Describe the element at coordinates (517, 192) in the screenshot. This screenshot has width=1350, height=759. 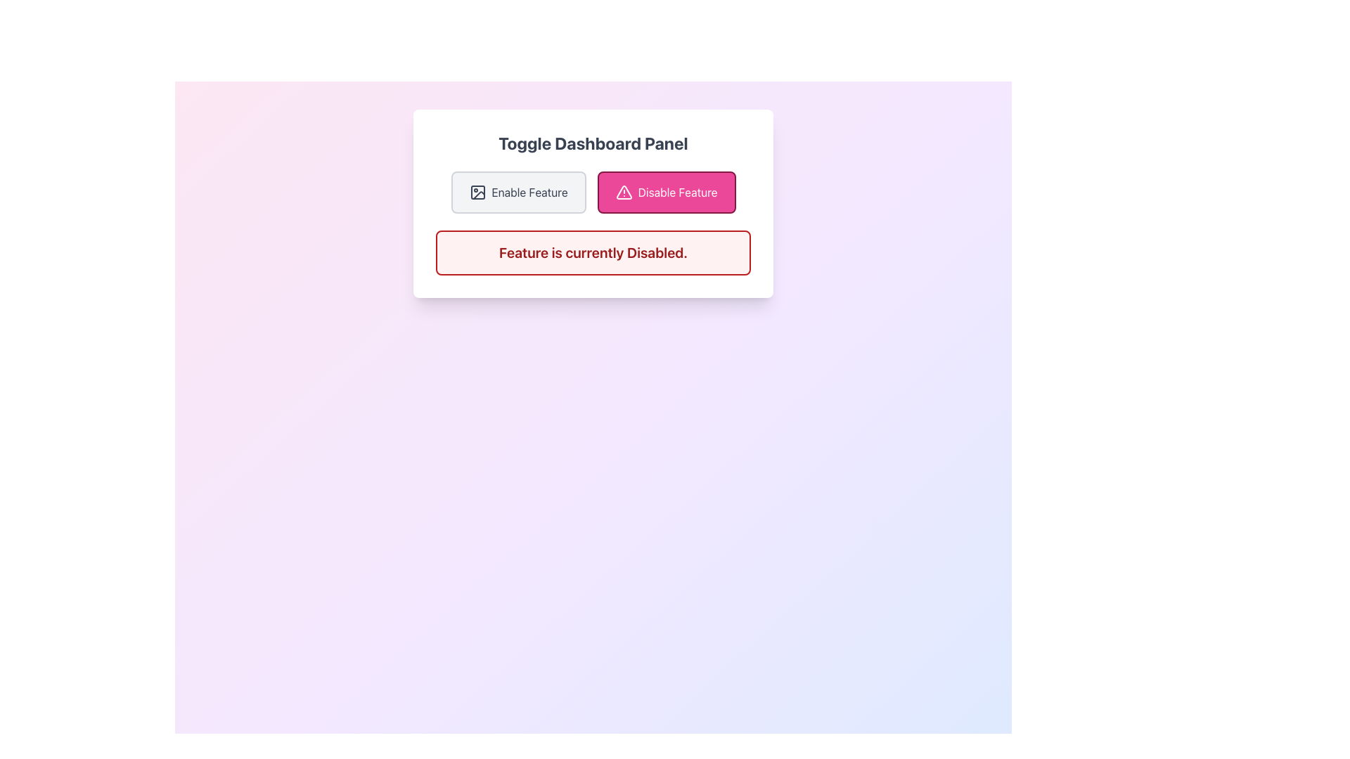
I see `the 'Enable Feature' button located to the left of the 'Disable Feature' button in the group of buttons near the top of the 'Toggle Dashboard Panel'` at that location.